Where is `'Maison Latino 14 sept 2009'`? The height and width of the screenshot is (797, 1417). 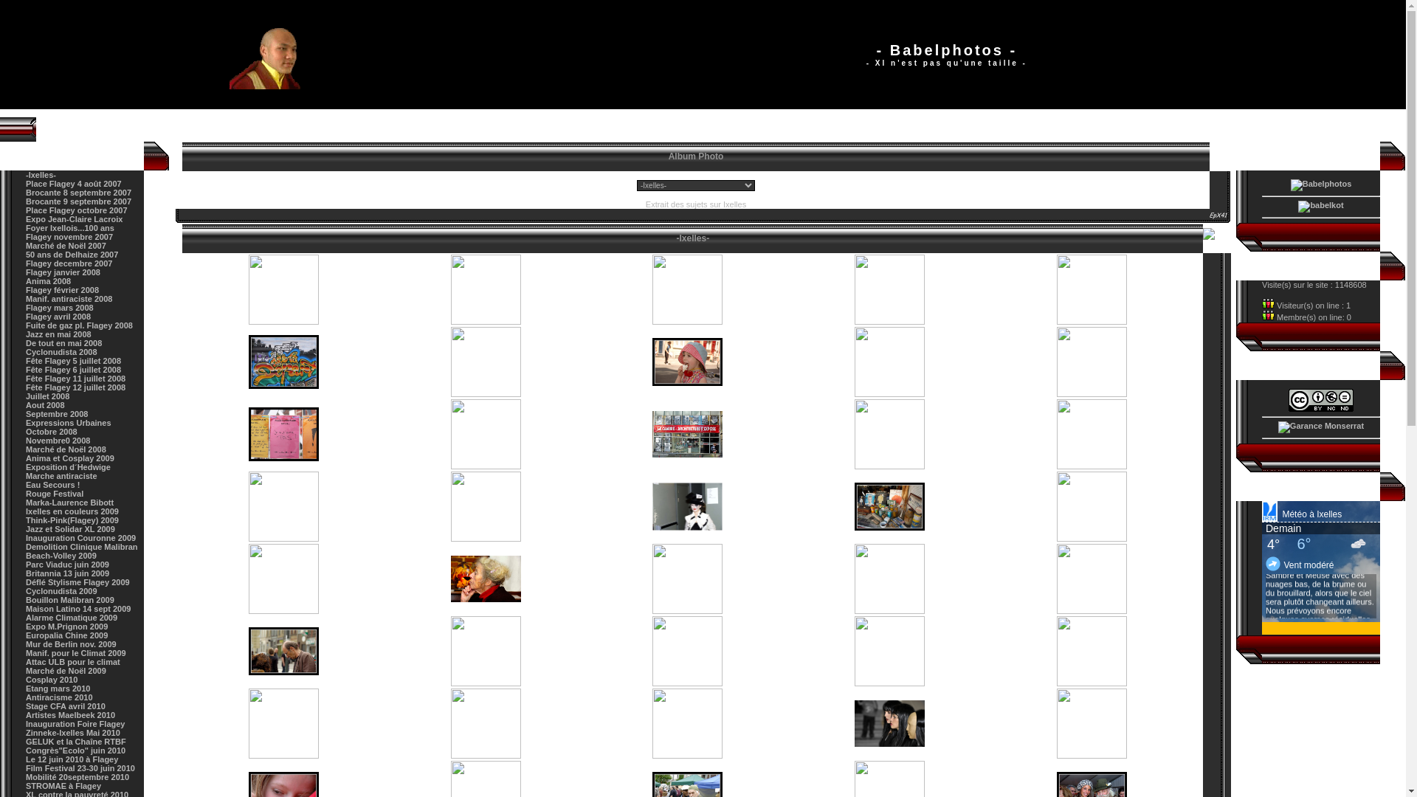 'Maison Latino 14 sept 2009' is located at coordinates (25, 609).